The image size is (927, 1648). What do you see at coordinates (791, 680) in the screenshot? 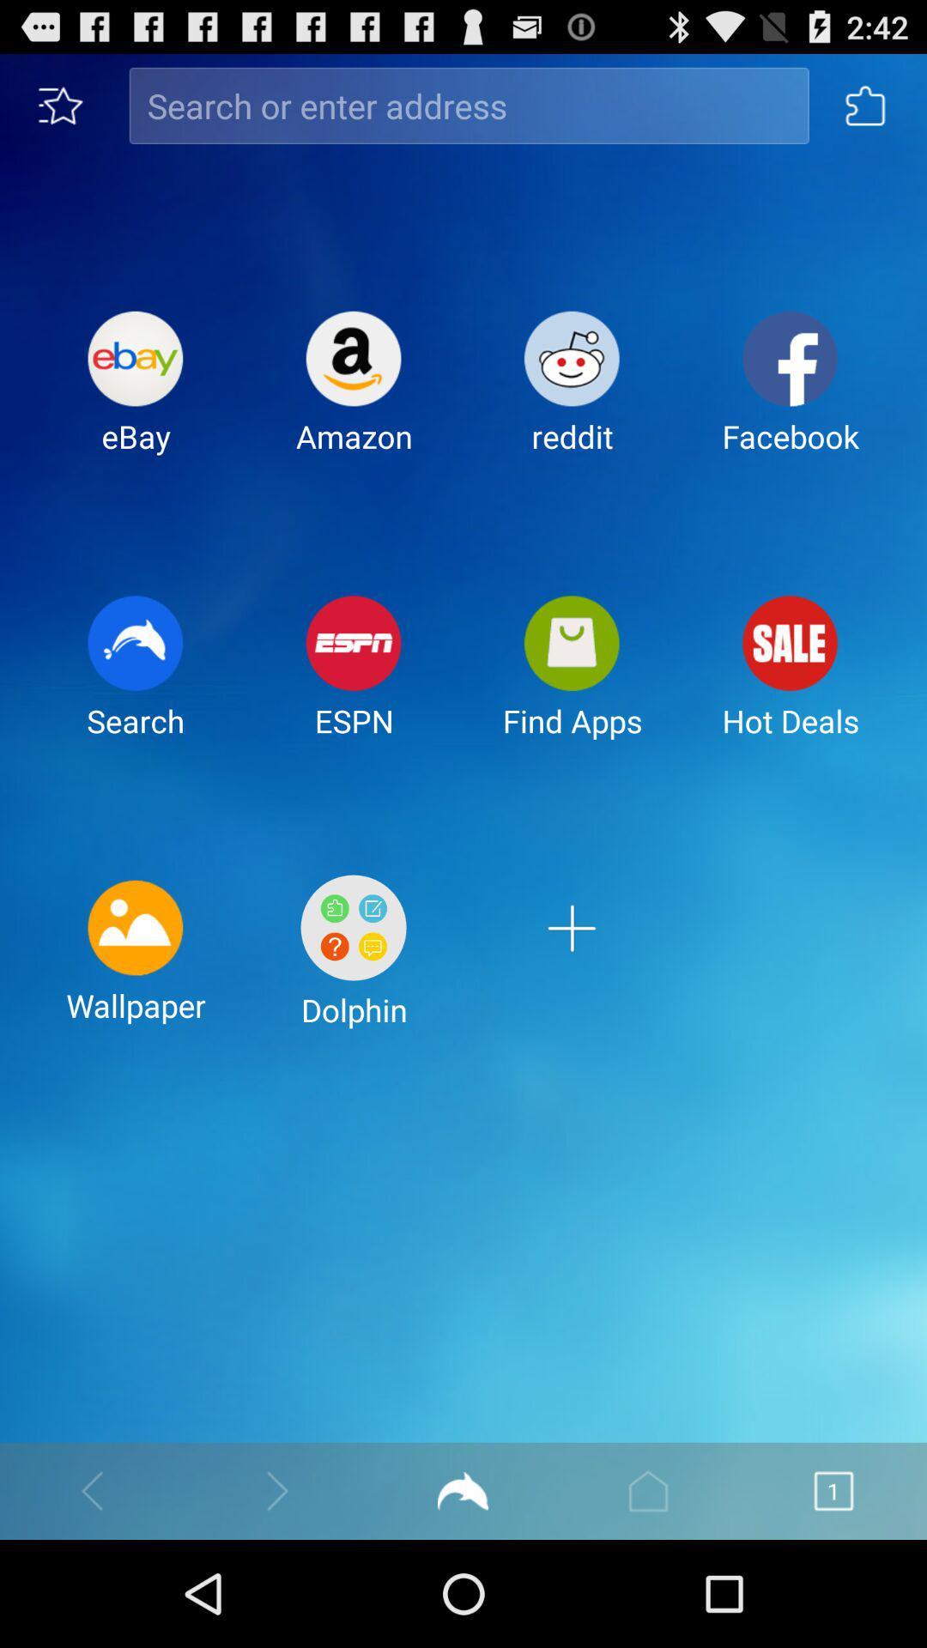
I see `the hot deals on the right` at bounding box center [791, 680].